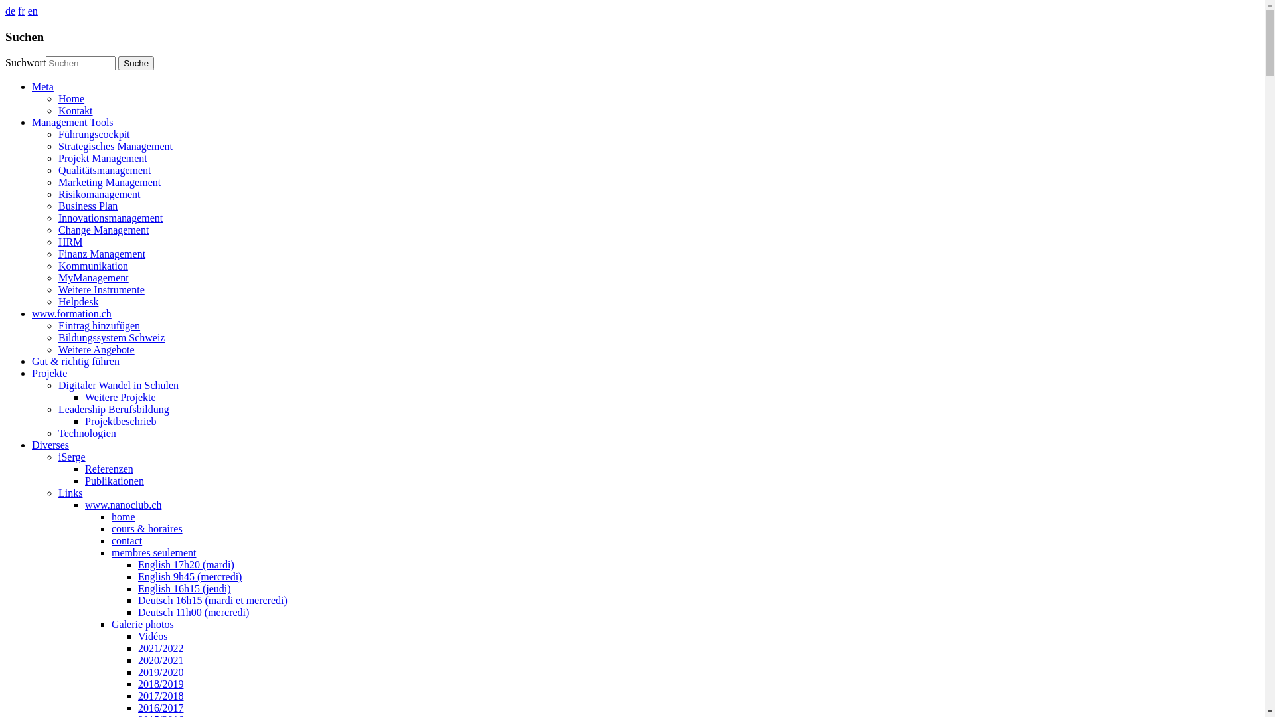 The width and height of the screenshot is (1275, 717). I want to click on 'Technologien', so click(86, 433).